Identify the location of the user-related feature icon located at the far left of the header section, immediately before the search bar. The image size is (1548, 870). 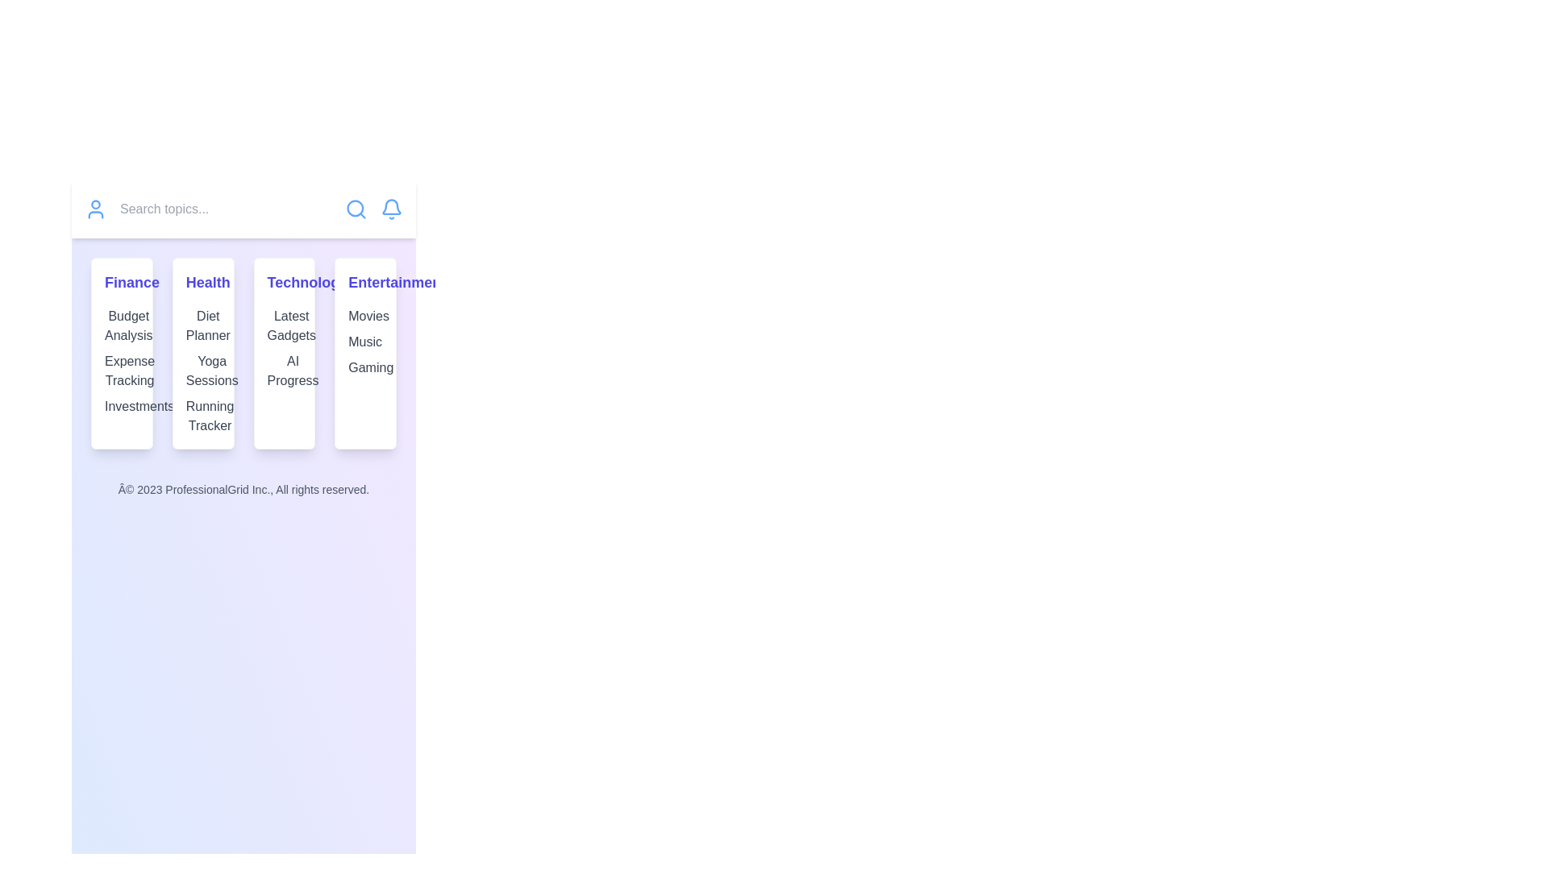
(95, 208).